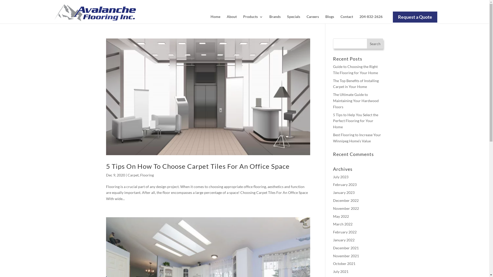  I want to click on 'Home', so click(211, 17).